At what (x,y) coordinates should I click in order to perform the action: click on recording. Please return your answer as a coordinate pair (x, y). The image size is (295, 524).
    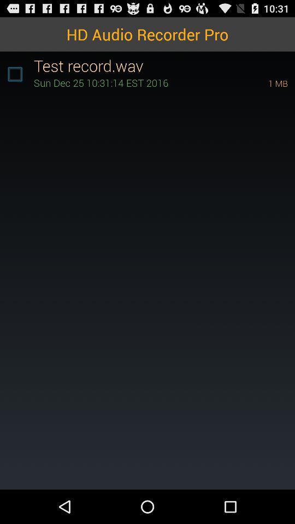
    Looking at the image, I should click on (14, 74).